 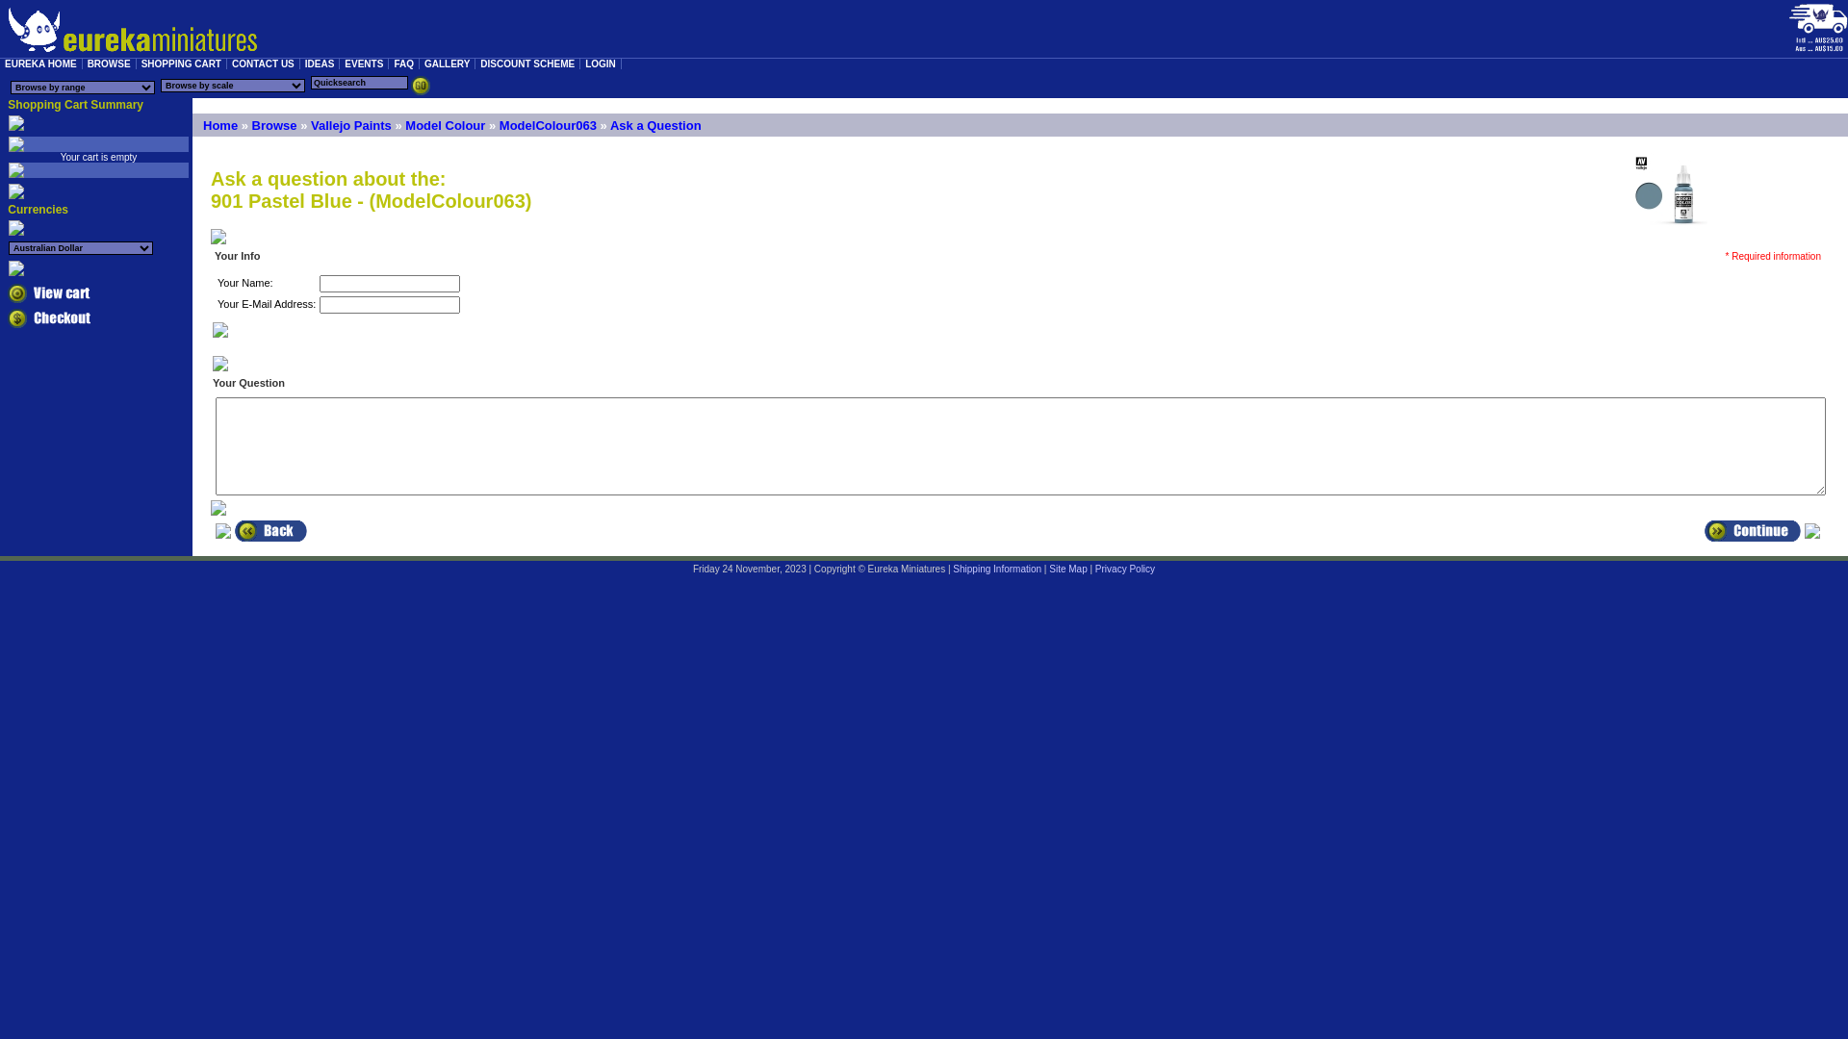 What do you see at coordinates (547, 124) in the screenshot?
I see `'ModelColour063'` at bounding box center [547, 124].